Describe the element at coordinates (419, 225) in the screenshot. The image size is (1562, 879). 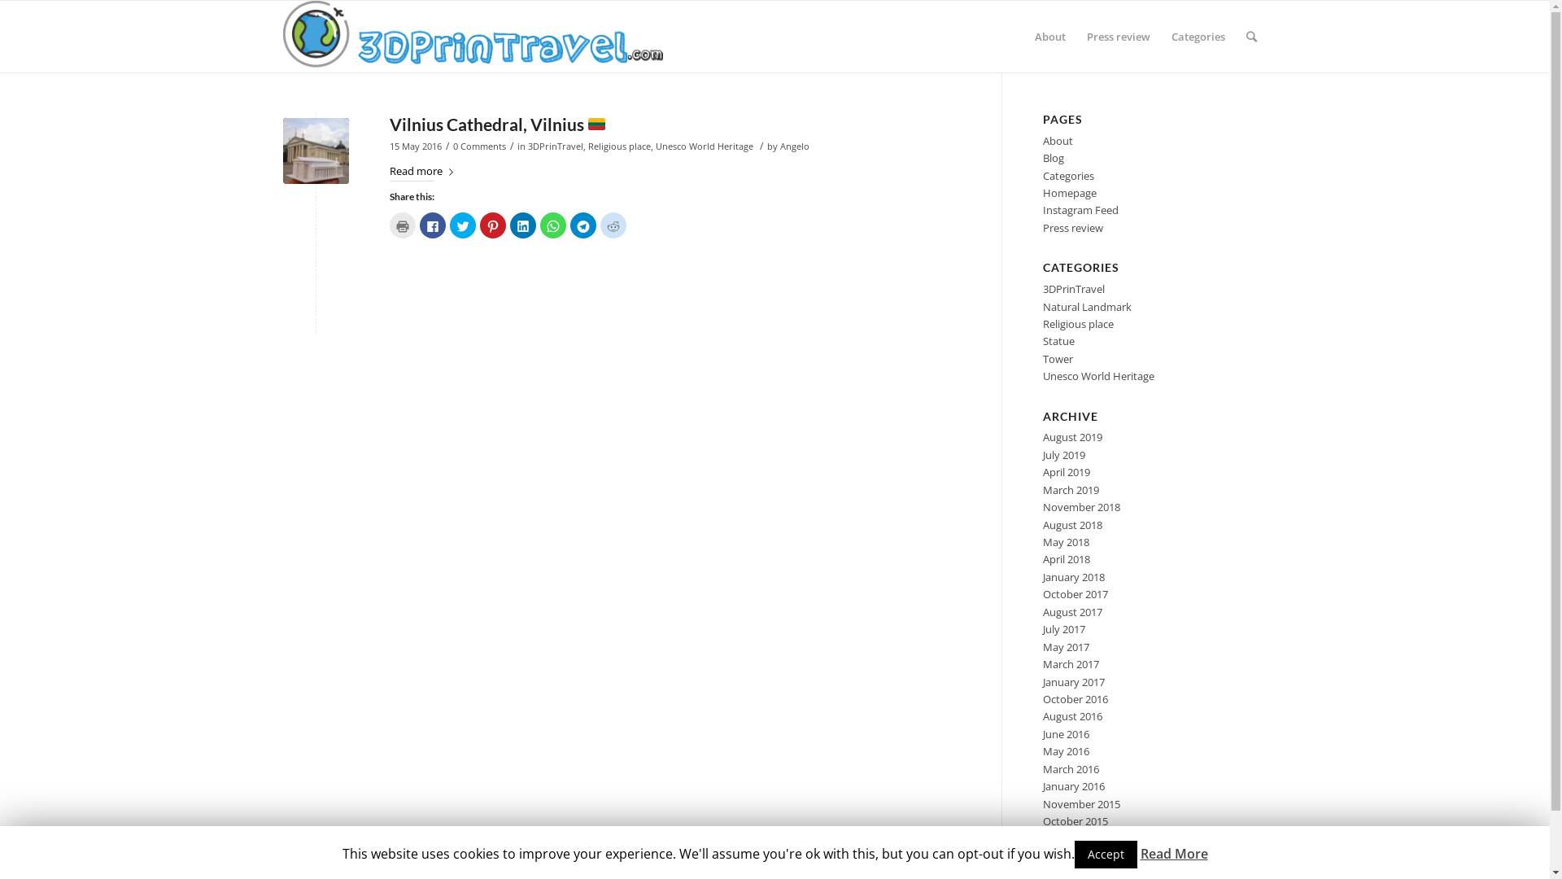
I see `'Click to share on Facebook (Opens in new window)'` at that location.